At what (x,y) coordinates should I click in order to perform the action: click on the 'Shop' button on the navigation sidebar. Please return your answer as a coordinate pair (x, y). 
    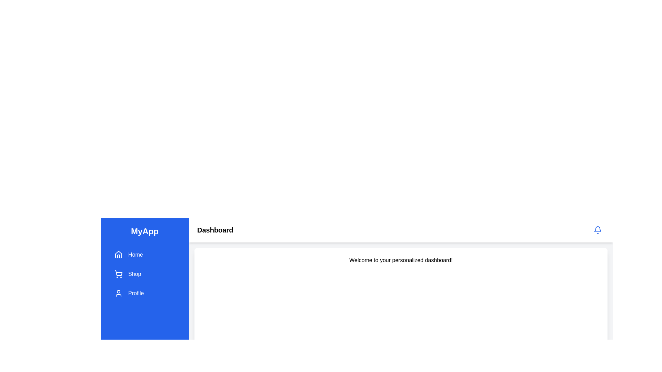
    Looking at the image, I should click on (144, 273).